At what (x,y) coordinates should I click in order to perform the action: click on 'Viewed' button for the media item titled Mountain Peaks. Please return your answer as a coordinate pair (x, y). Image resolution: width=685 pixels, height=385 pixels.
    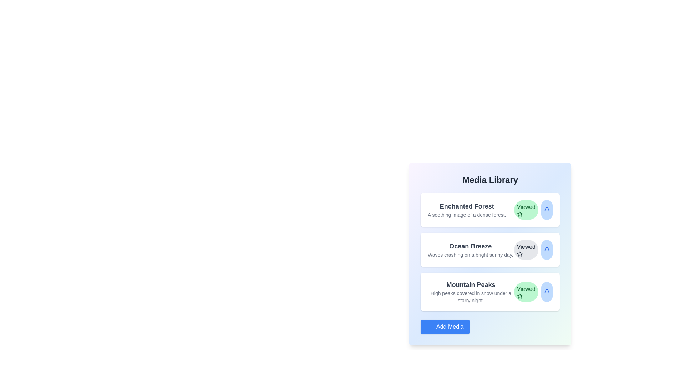
    Looking at the image, I should click on (526, 292).